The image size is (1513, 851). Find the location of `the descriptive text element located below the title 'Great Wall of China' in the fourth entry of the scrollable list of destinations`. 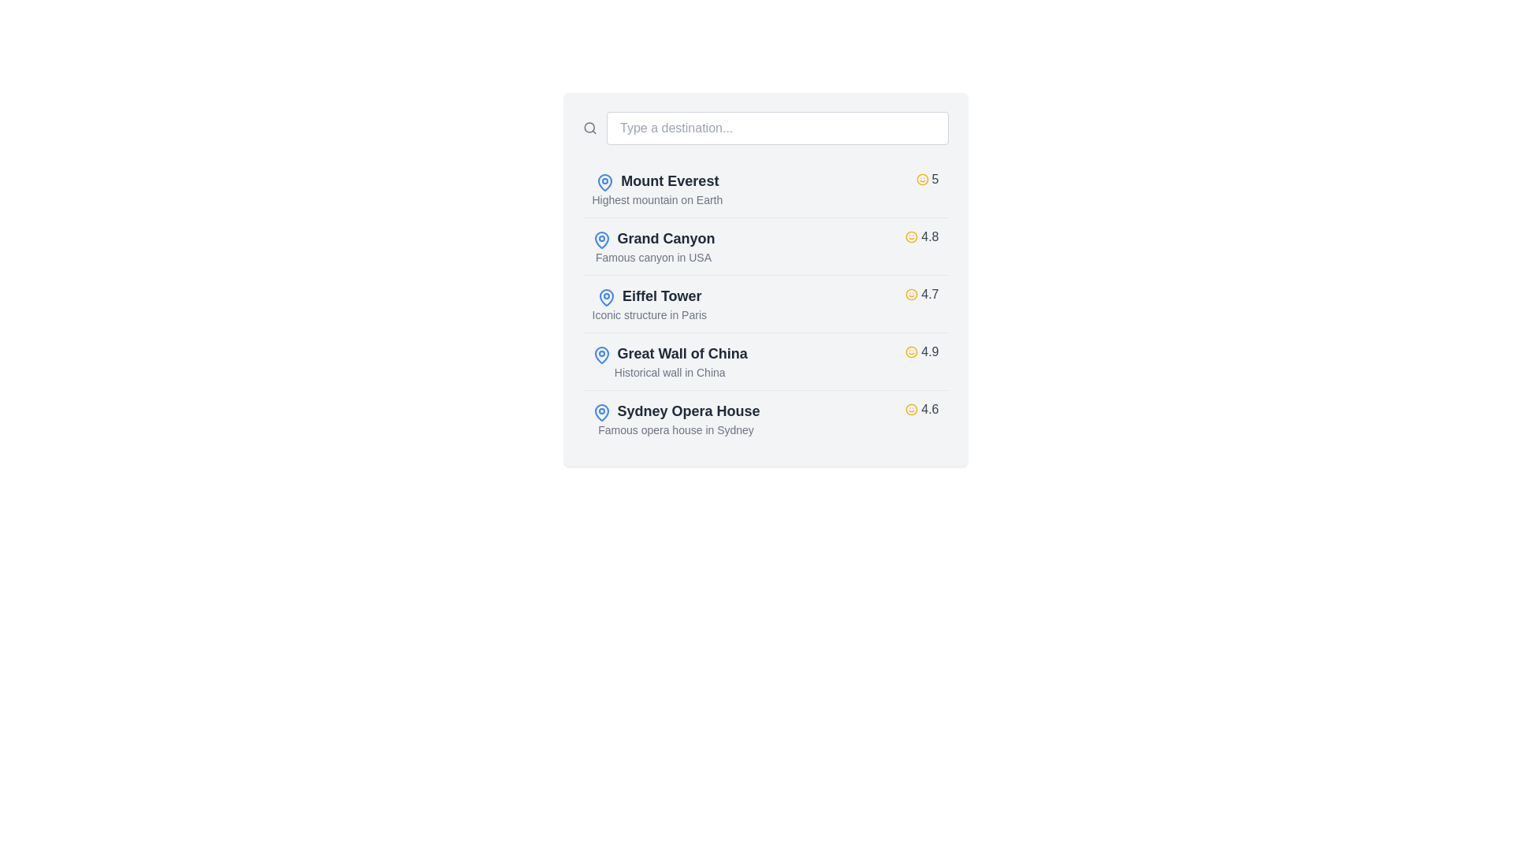

the descriptive text element located below the title 'Great Wall of China' in the fourth entry of the scrollable list of destinations is located at coordinates (670, 373).